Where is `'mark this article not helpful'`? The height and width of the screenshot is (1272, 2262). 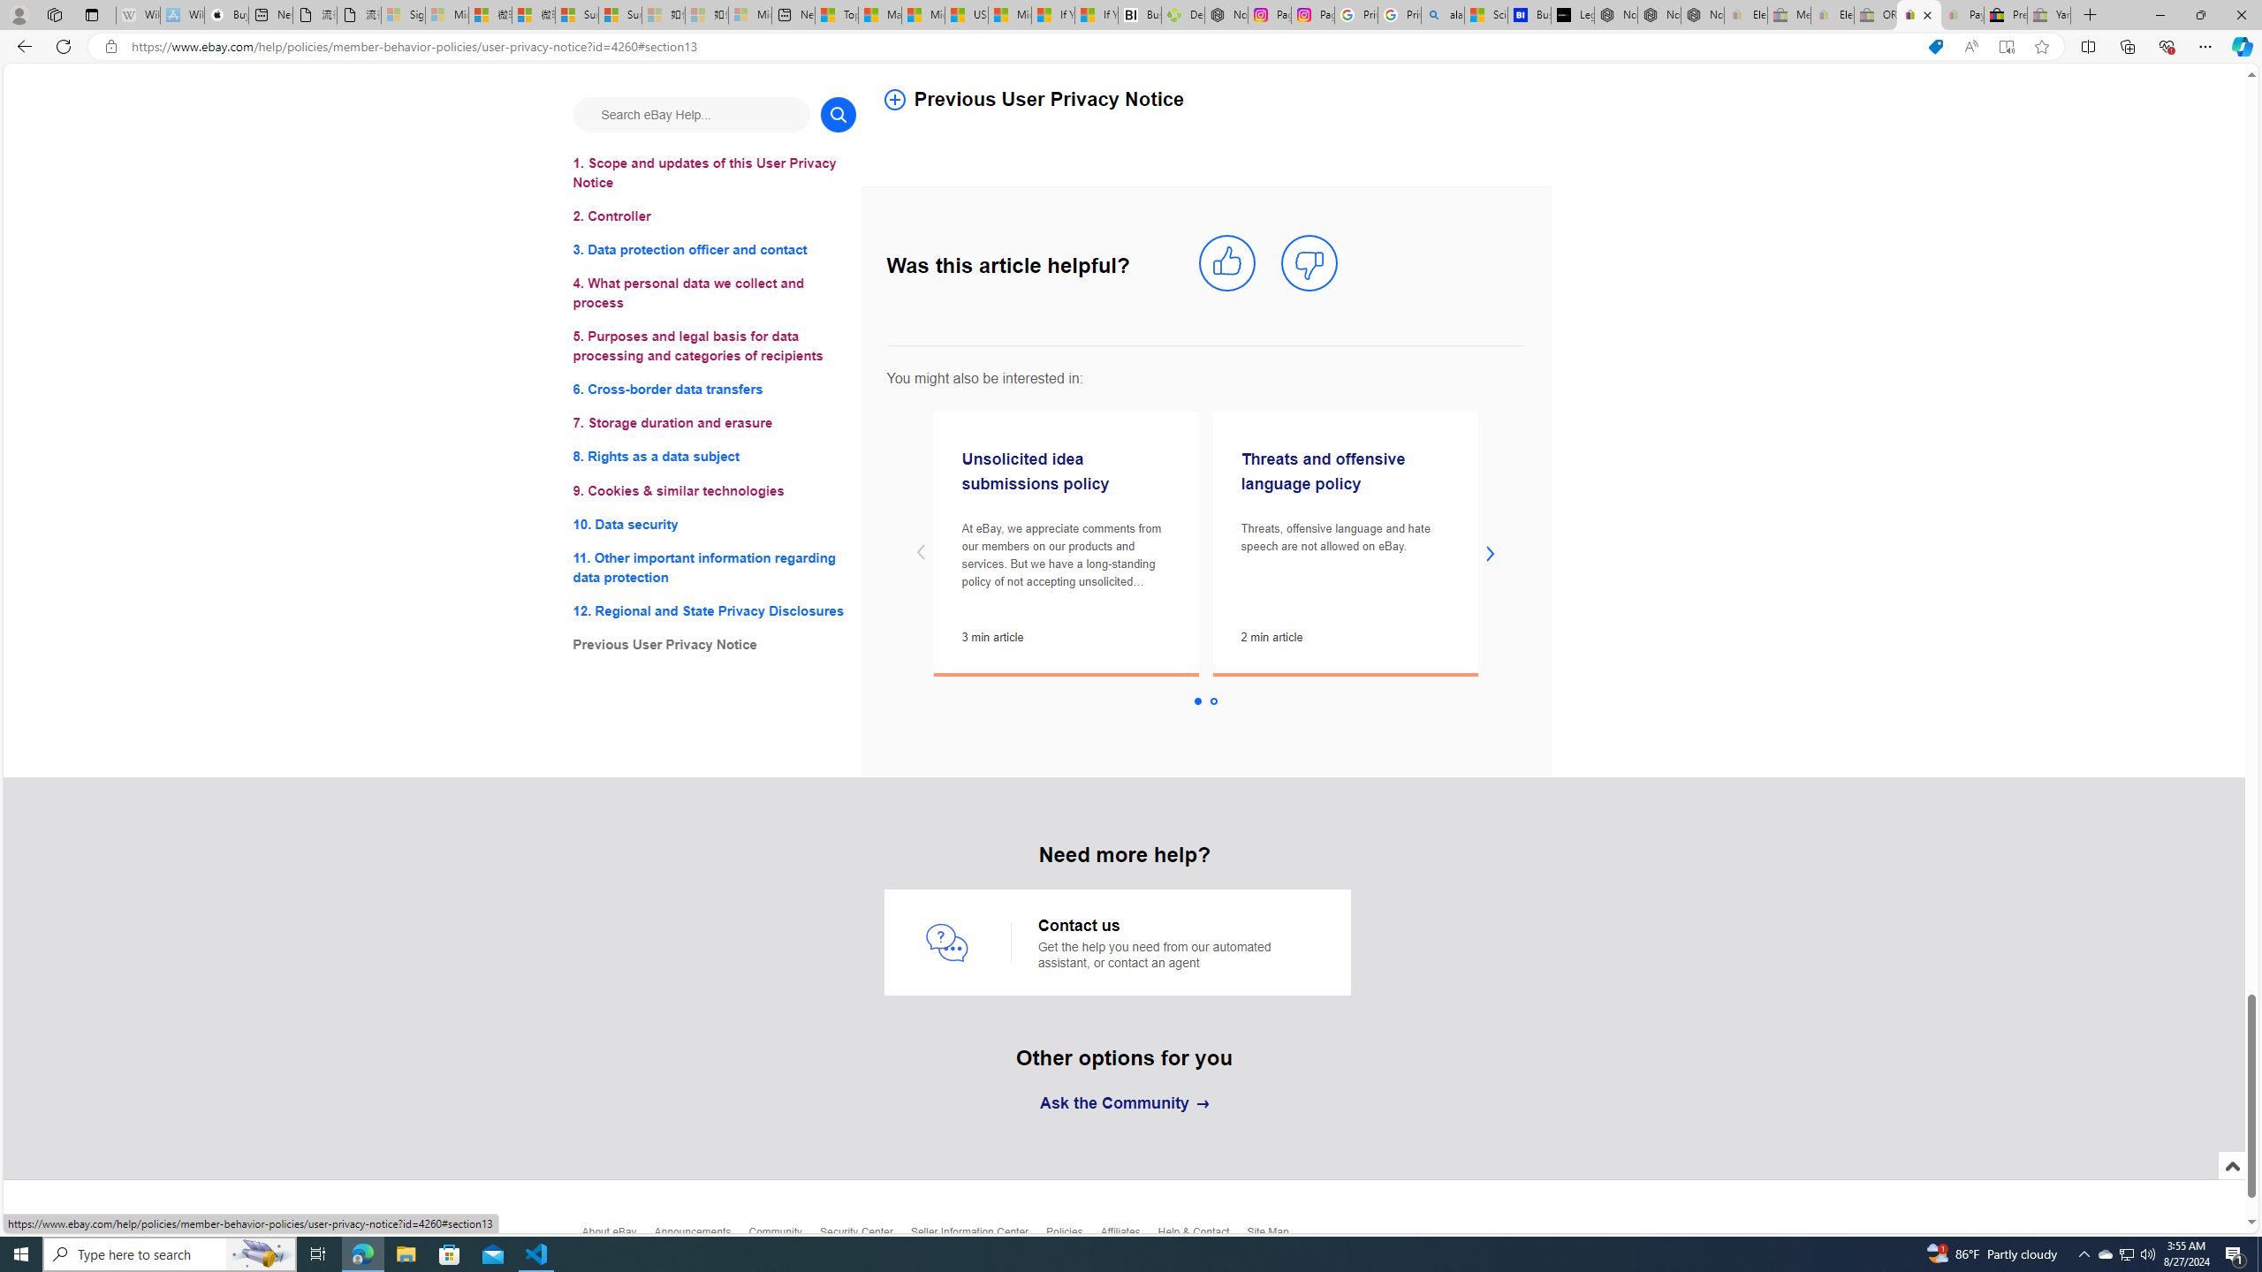 'mark this article not helpful' is located at coordinates (1309, 263).